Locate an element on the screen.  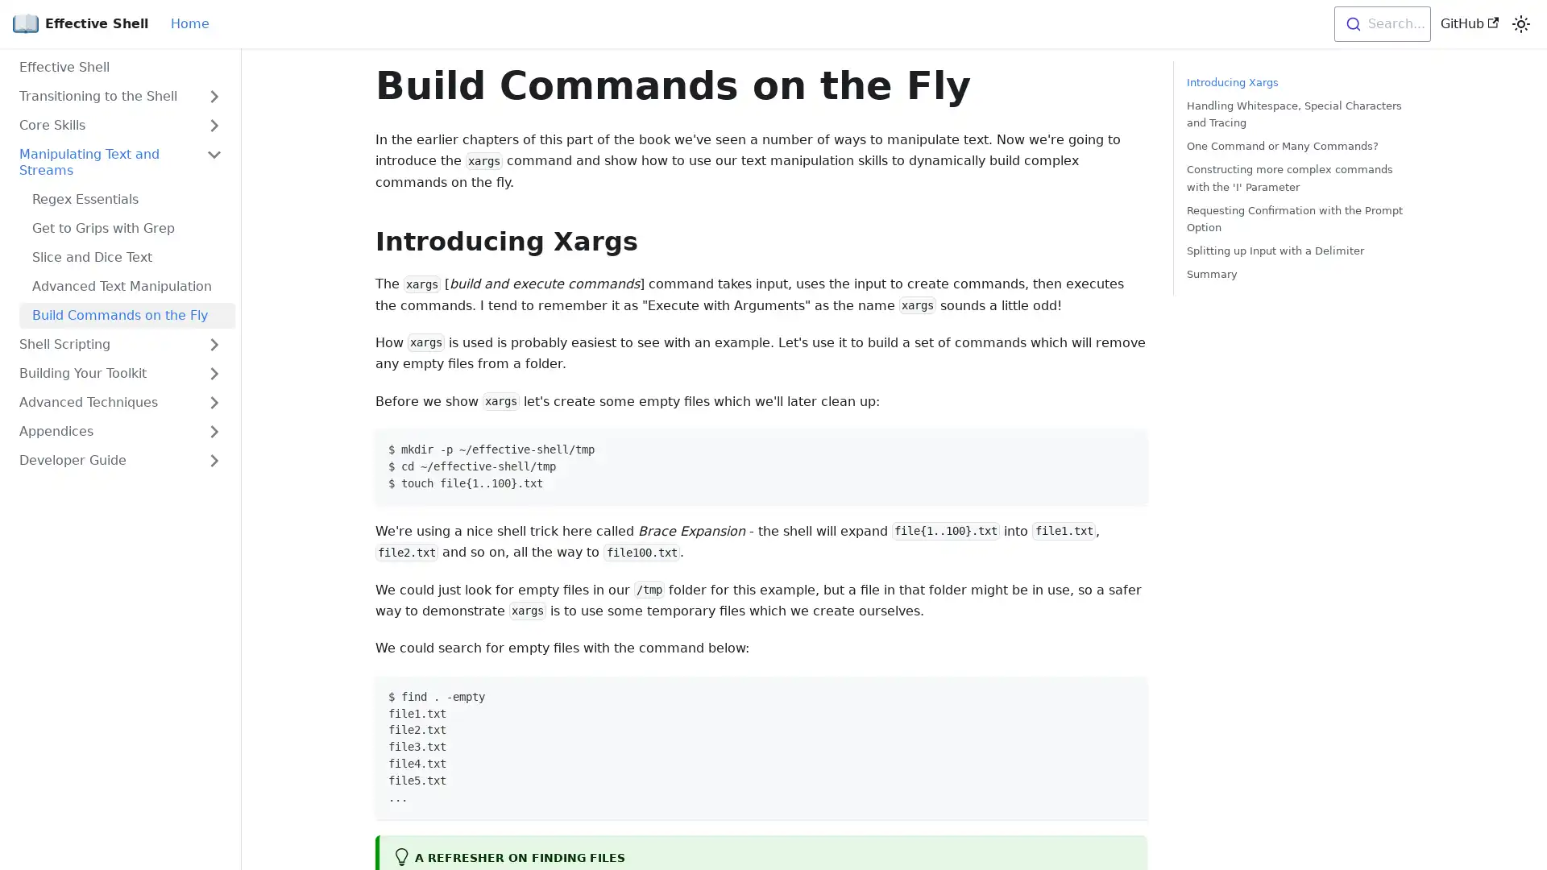
Toggle the collapsible sidebar category 'Core Skills' is located at coordinates (213, 124).